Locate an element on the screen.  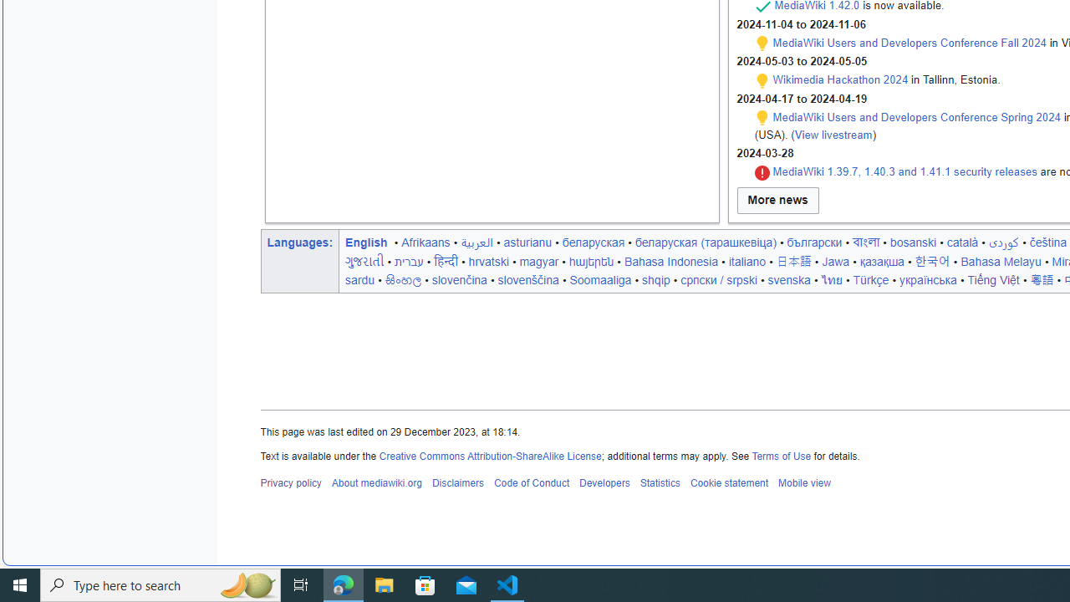
'shqip' is located at coordinates (655, 278).